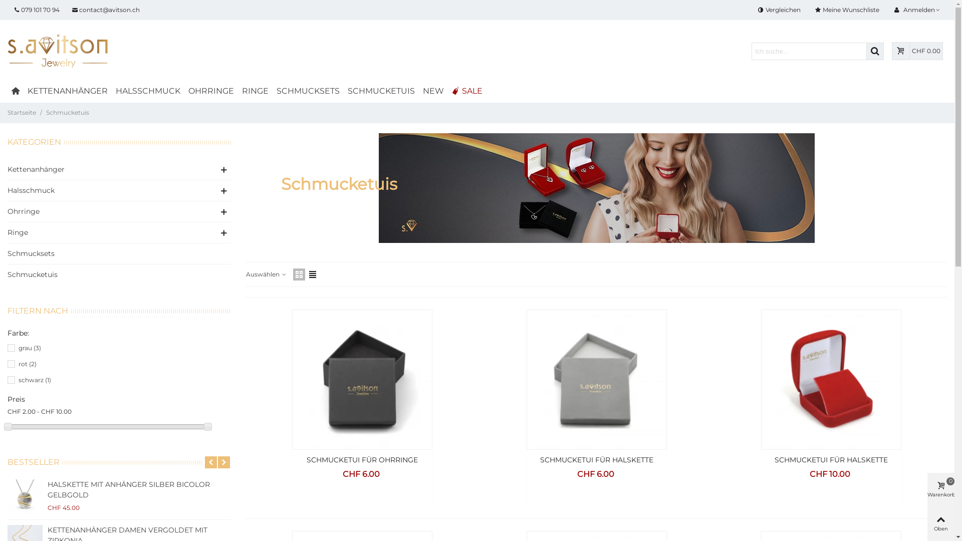  I want to click on 'CHF 0.00', so click(917, 51).